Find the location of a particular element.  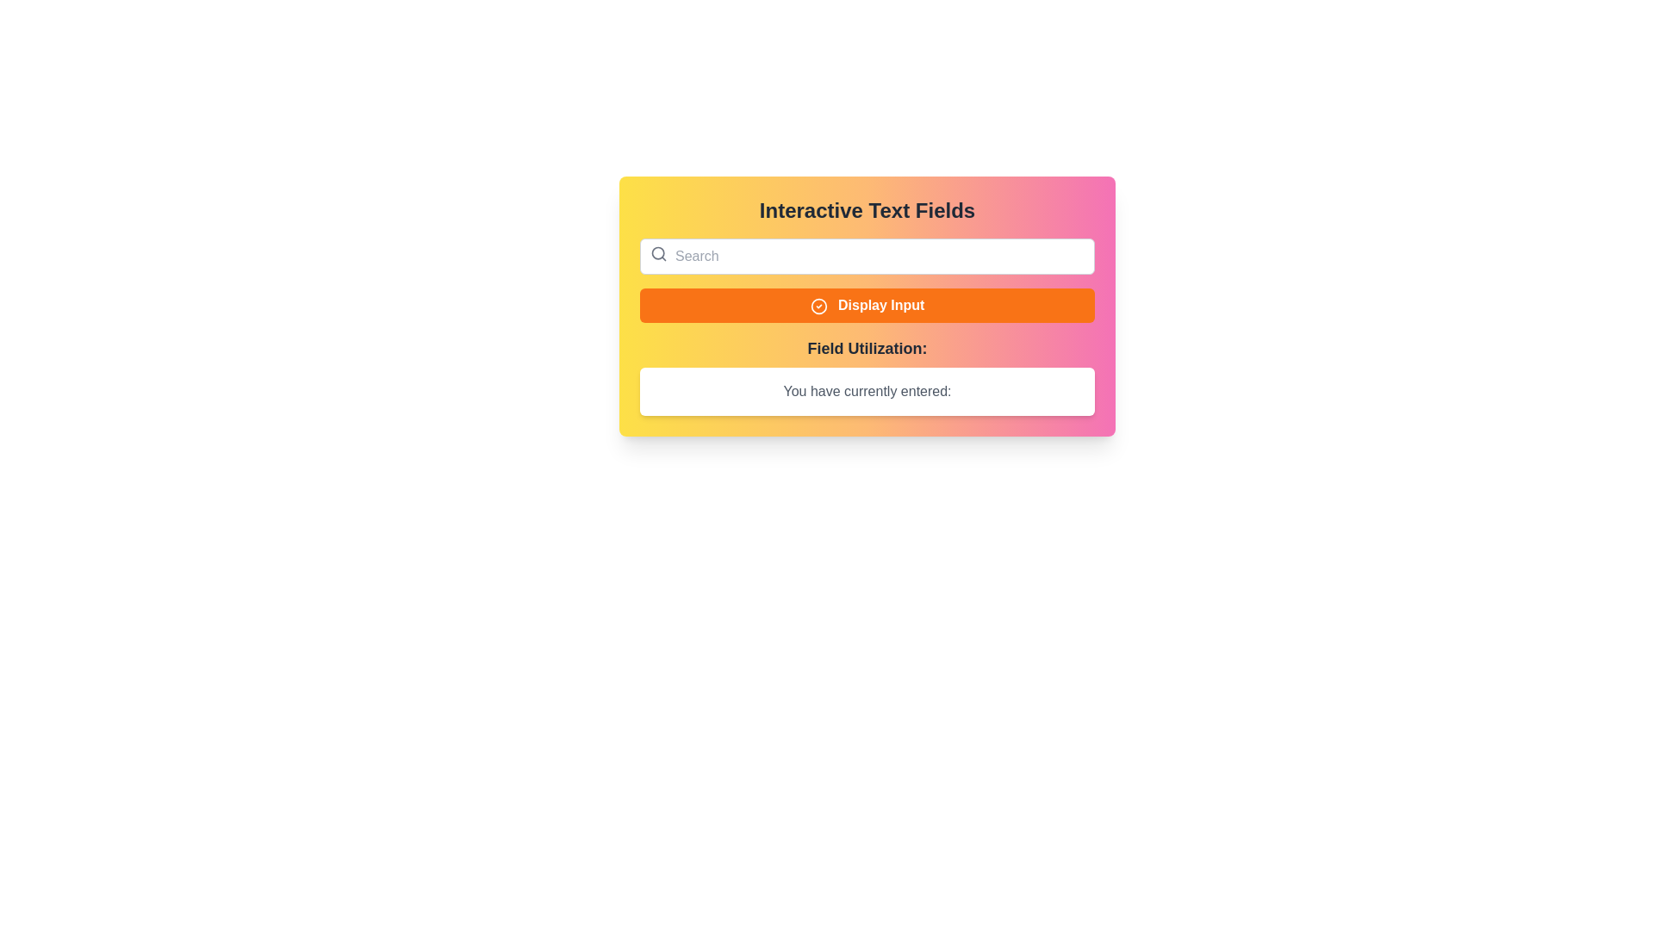

the circular border of the check-circle icon within the 'Display Input' button, which is located at the center of the panel is located at coordinates (818, 305).